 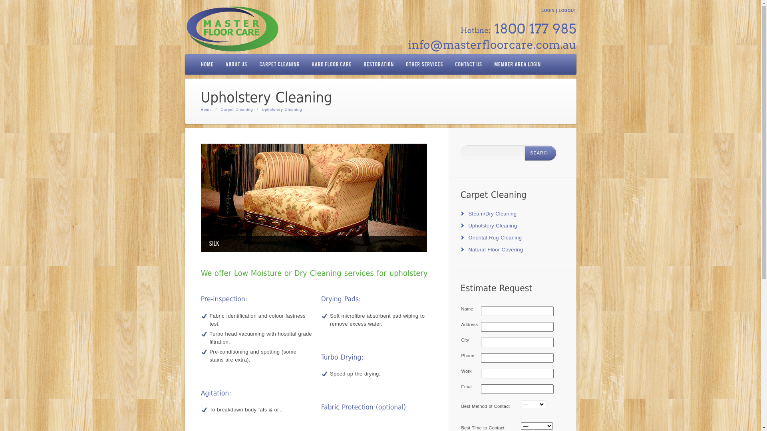 What do you see at coordinates (525, 153) in the screenshot?
I see `'Search'` at bounding box center [525, 153].